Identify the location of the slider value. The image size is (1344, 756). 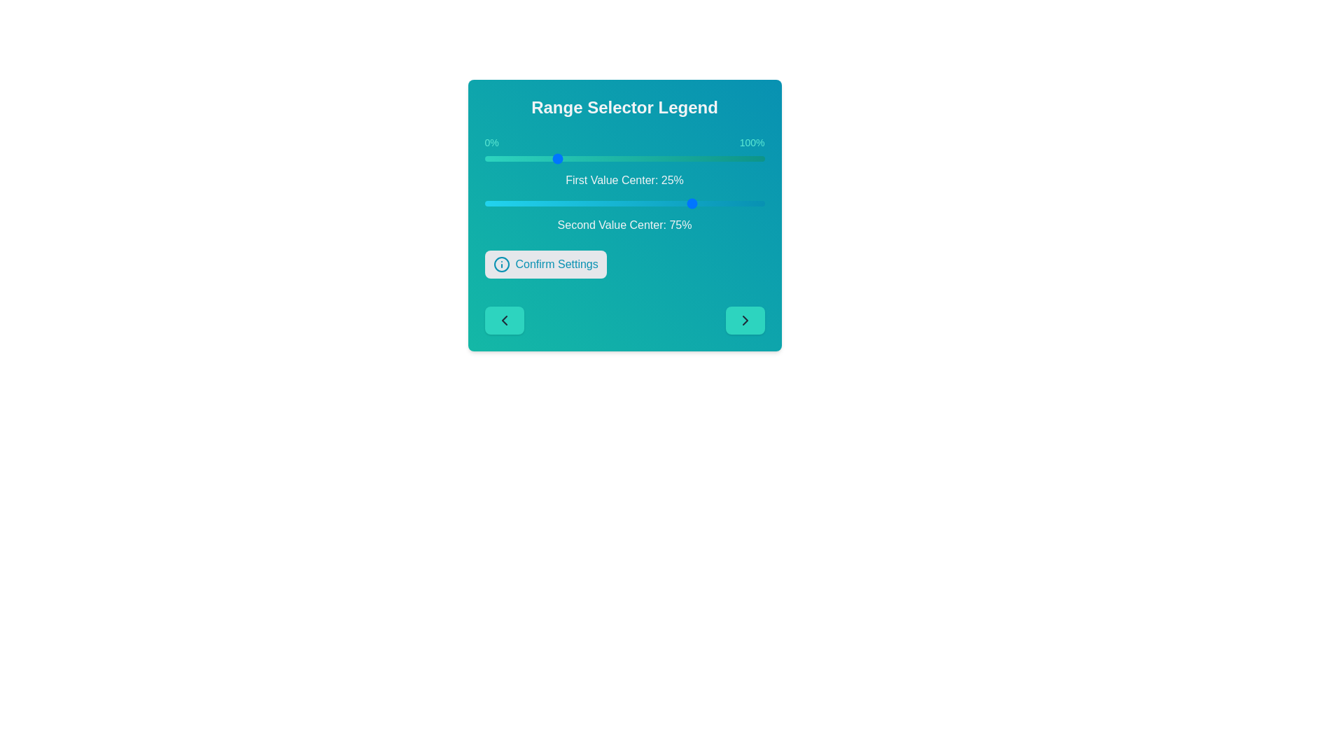
(660, 158).